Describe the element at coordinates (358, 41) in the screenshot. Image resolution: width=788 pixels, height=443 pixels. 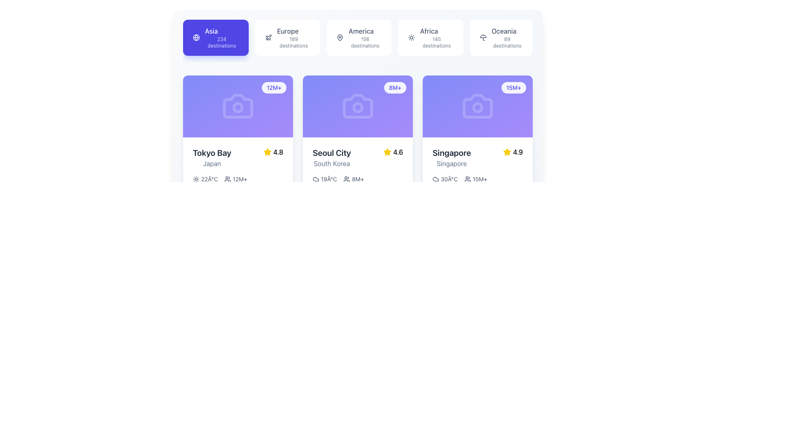
I see `the button representing the Americas destination selector` at that location.